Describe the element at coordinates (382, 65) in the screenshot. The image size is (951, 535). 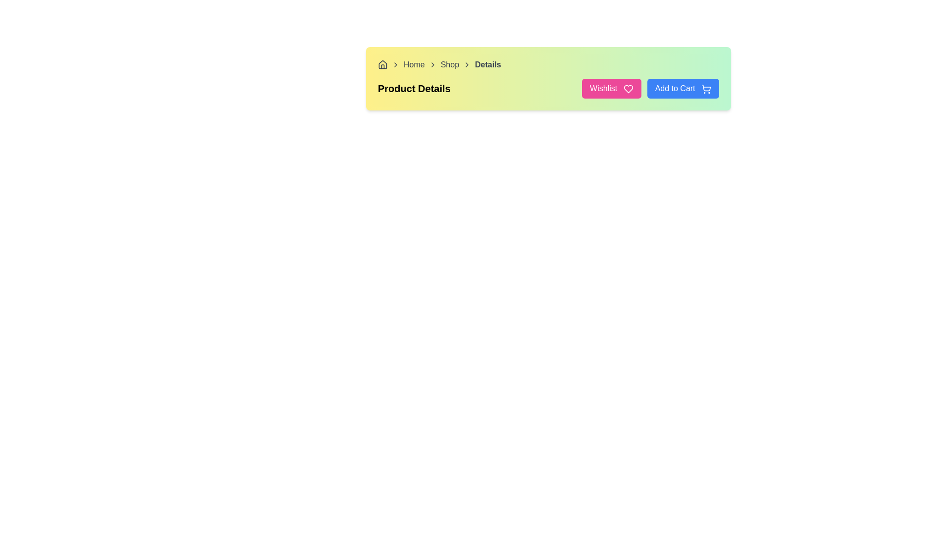
I see `the house icon in the breadcrumb navigation bar` at that location.